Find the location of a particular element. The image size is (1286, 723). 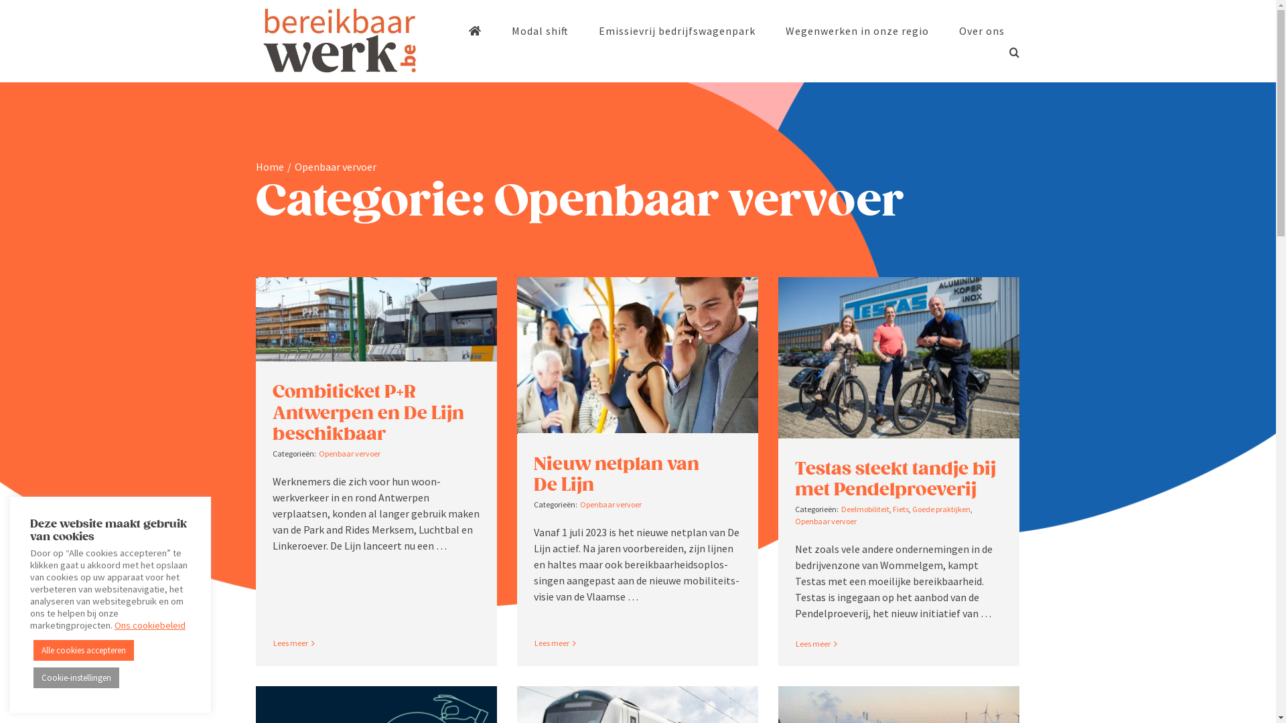

'Cookie-instellingen' is located at coordinates (76, 677).